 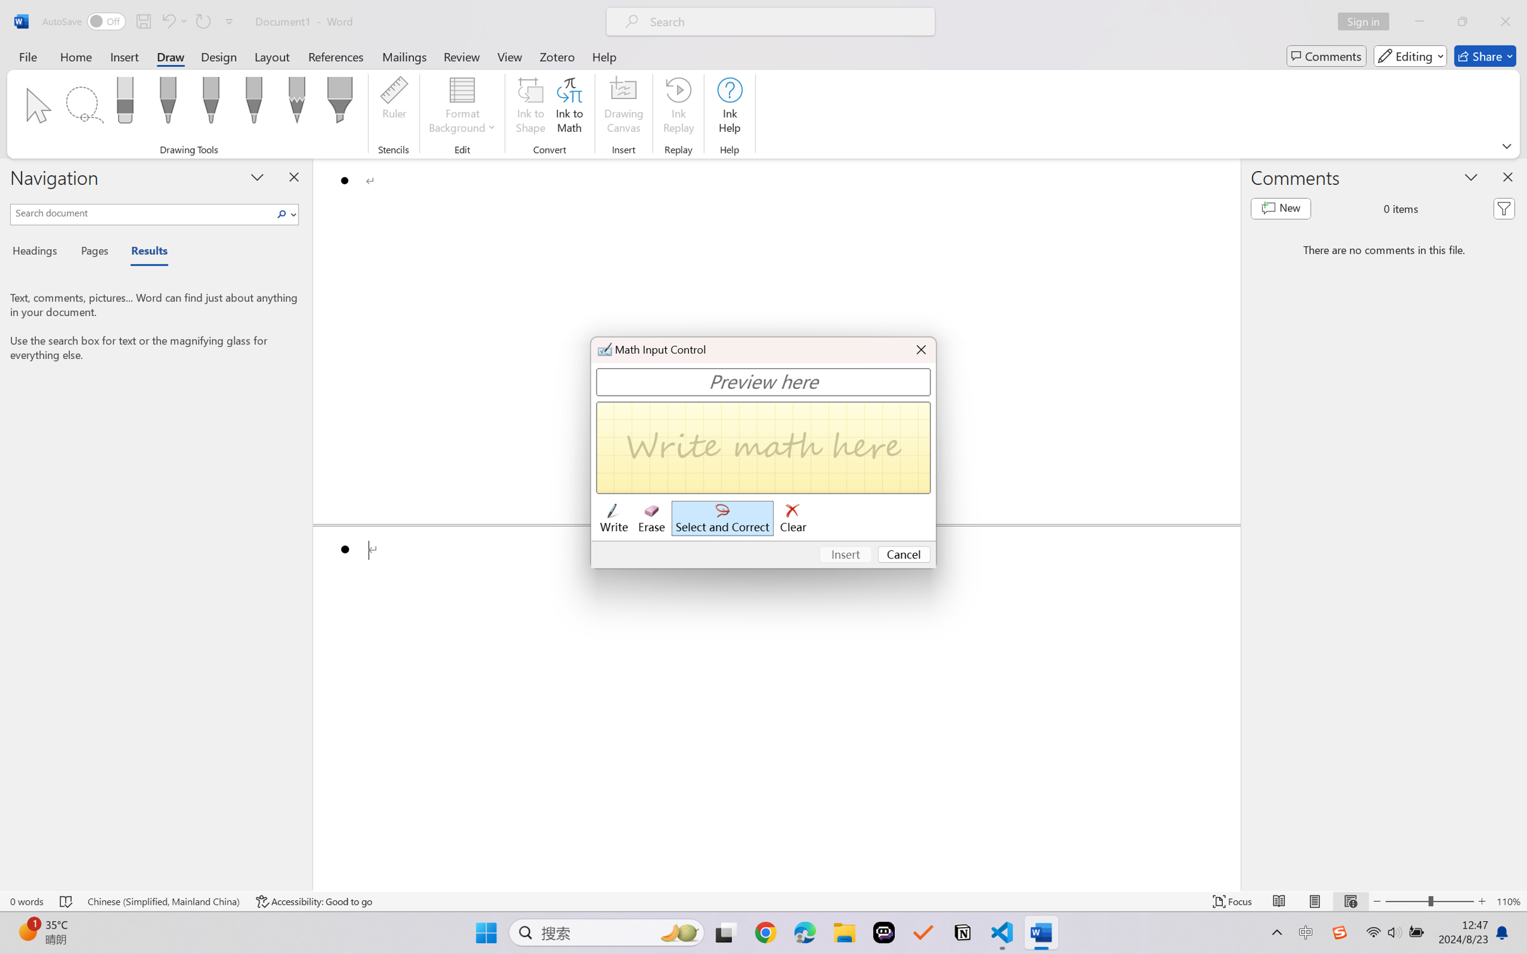 What do you see at coordinates (904, 555) in the screenshot?
I see `'Cancel'` at bounding box center [904, 555].